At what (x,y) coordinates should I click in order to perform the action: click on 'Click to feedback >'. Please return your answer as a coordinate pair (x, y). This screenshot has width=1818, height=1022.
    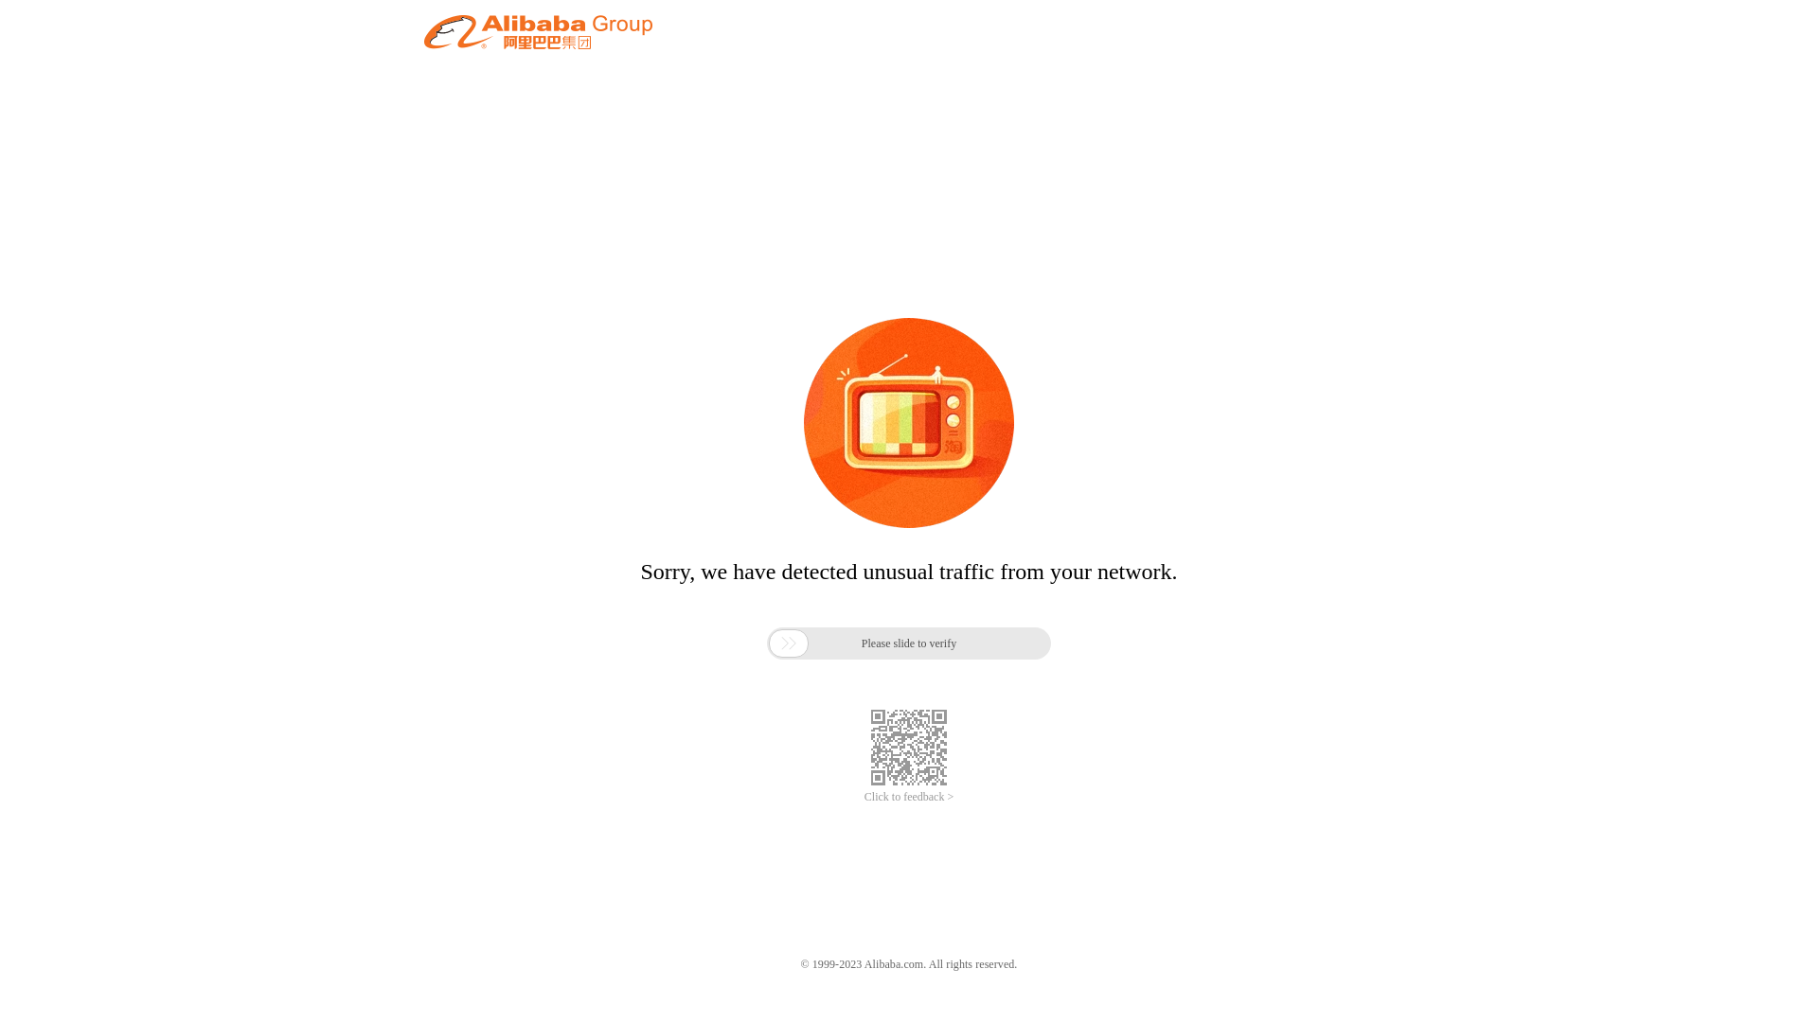
    Looking at the image, I should click on (909, 797).